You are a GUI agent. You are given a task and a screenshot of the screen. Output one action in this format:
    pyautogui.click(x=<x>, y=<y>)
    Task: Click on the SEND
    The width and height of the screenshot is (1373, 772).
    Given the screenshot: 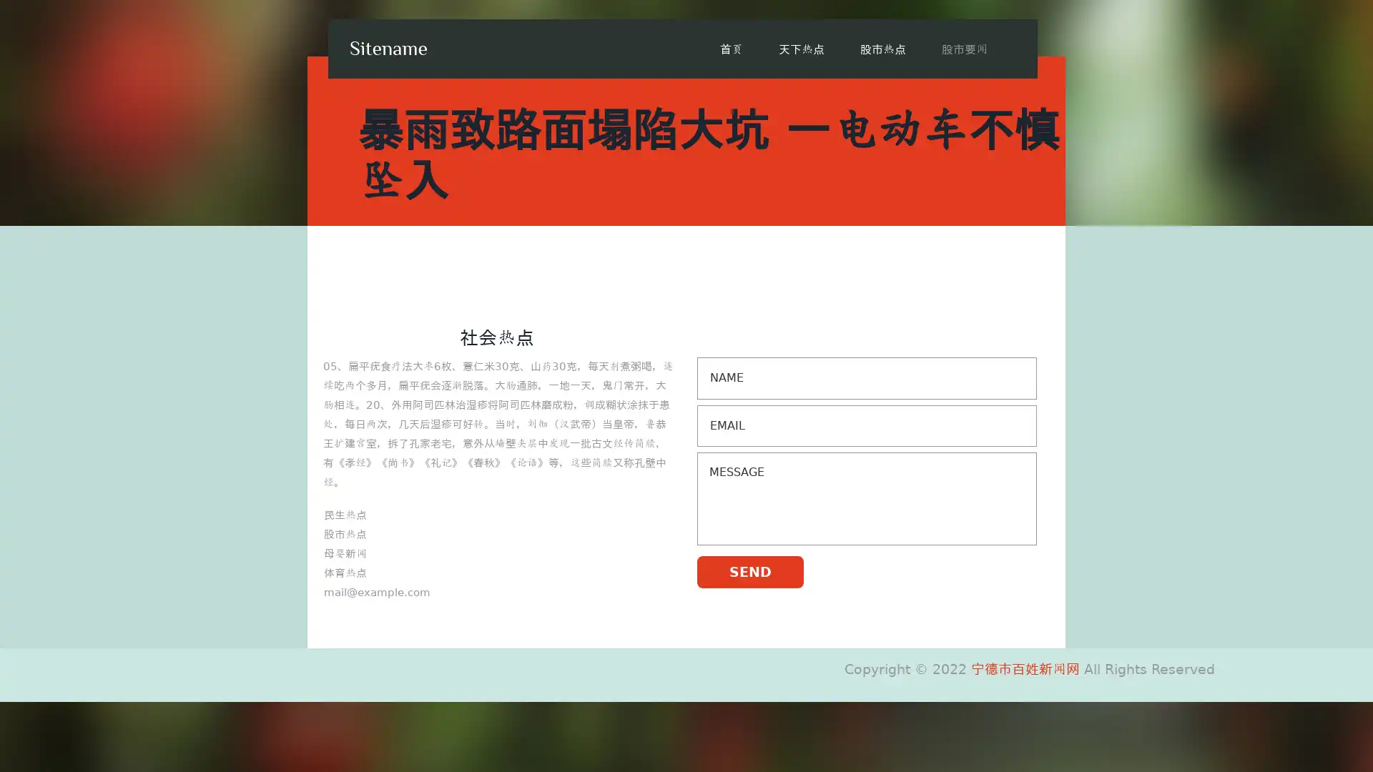 What is the action you would take?
    pyautogui.click(x=749, y=570)
    